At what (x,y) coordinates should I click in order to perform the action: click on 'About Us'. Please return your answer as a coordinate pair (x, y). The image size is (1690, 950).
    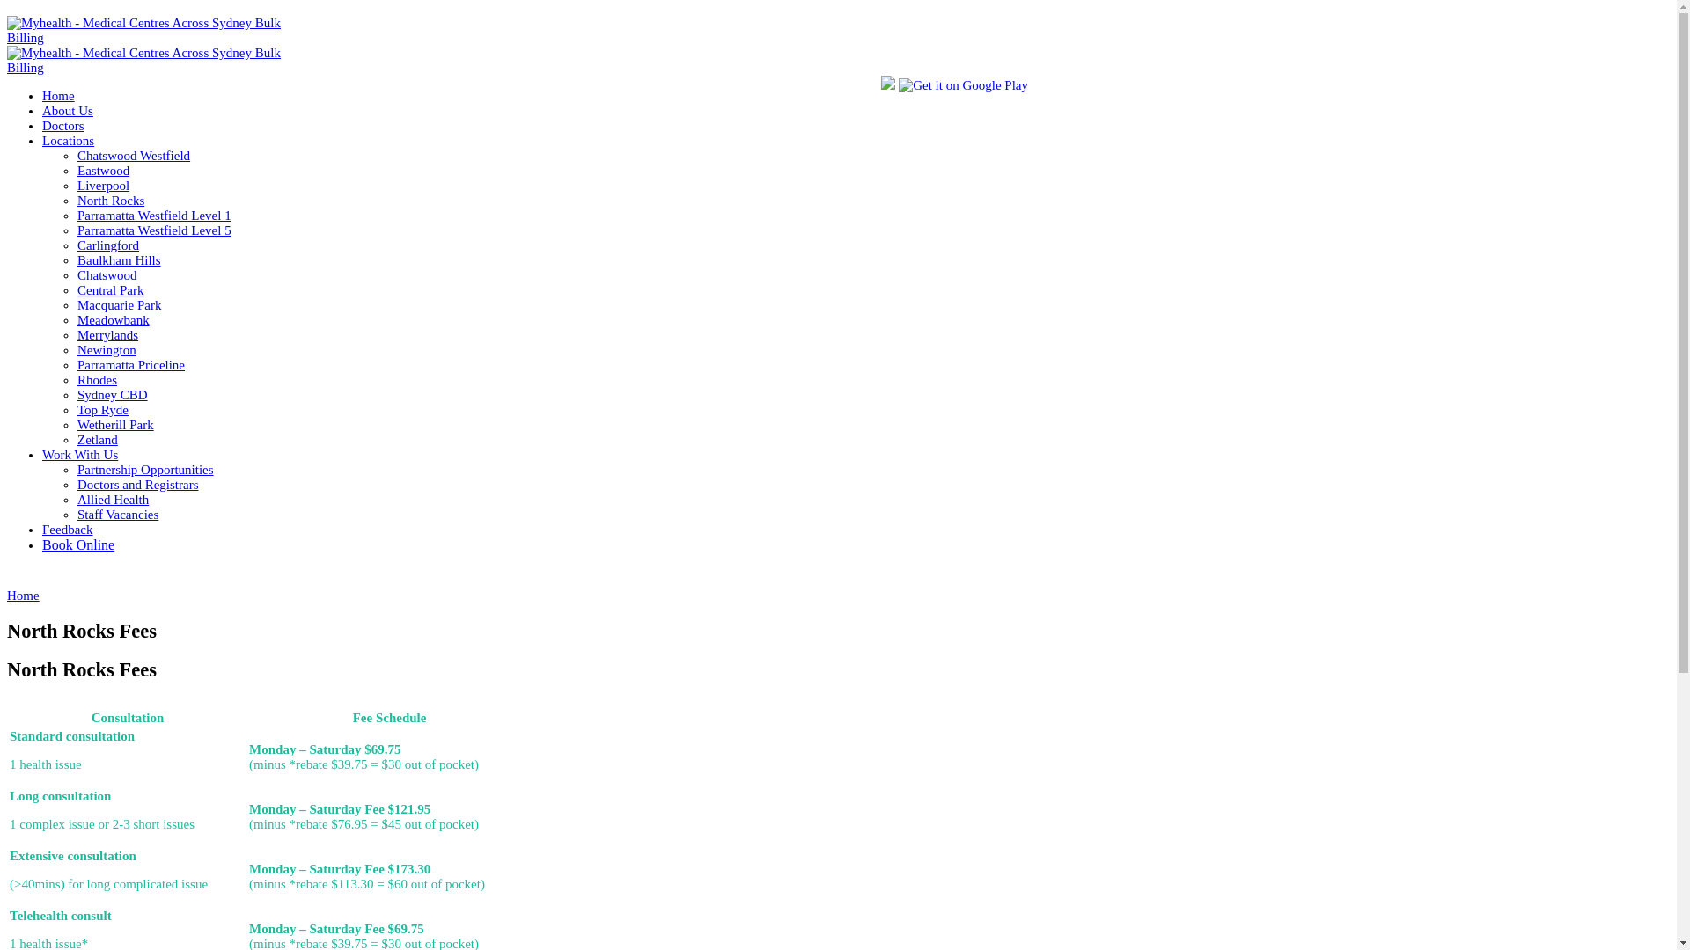
    Looking at the image, I should click on (67, 111).